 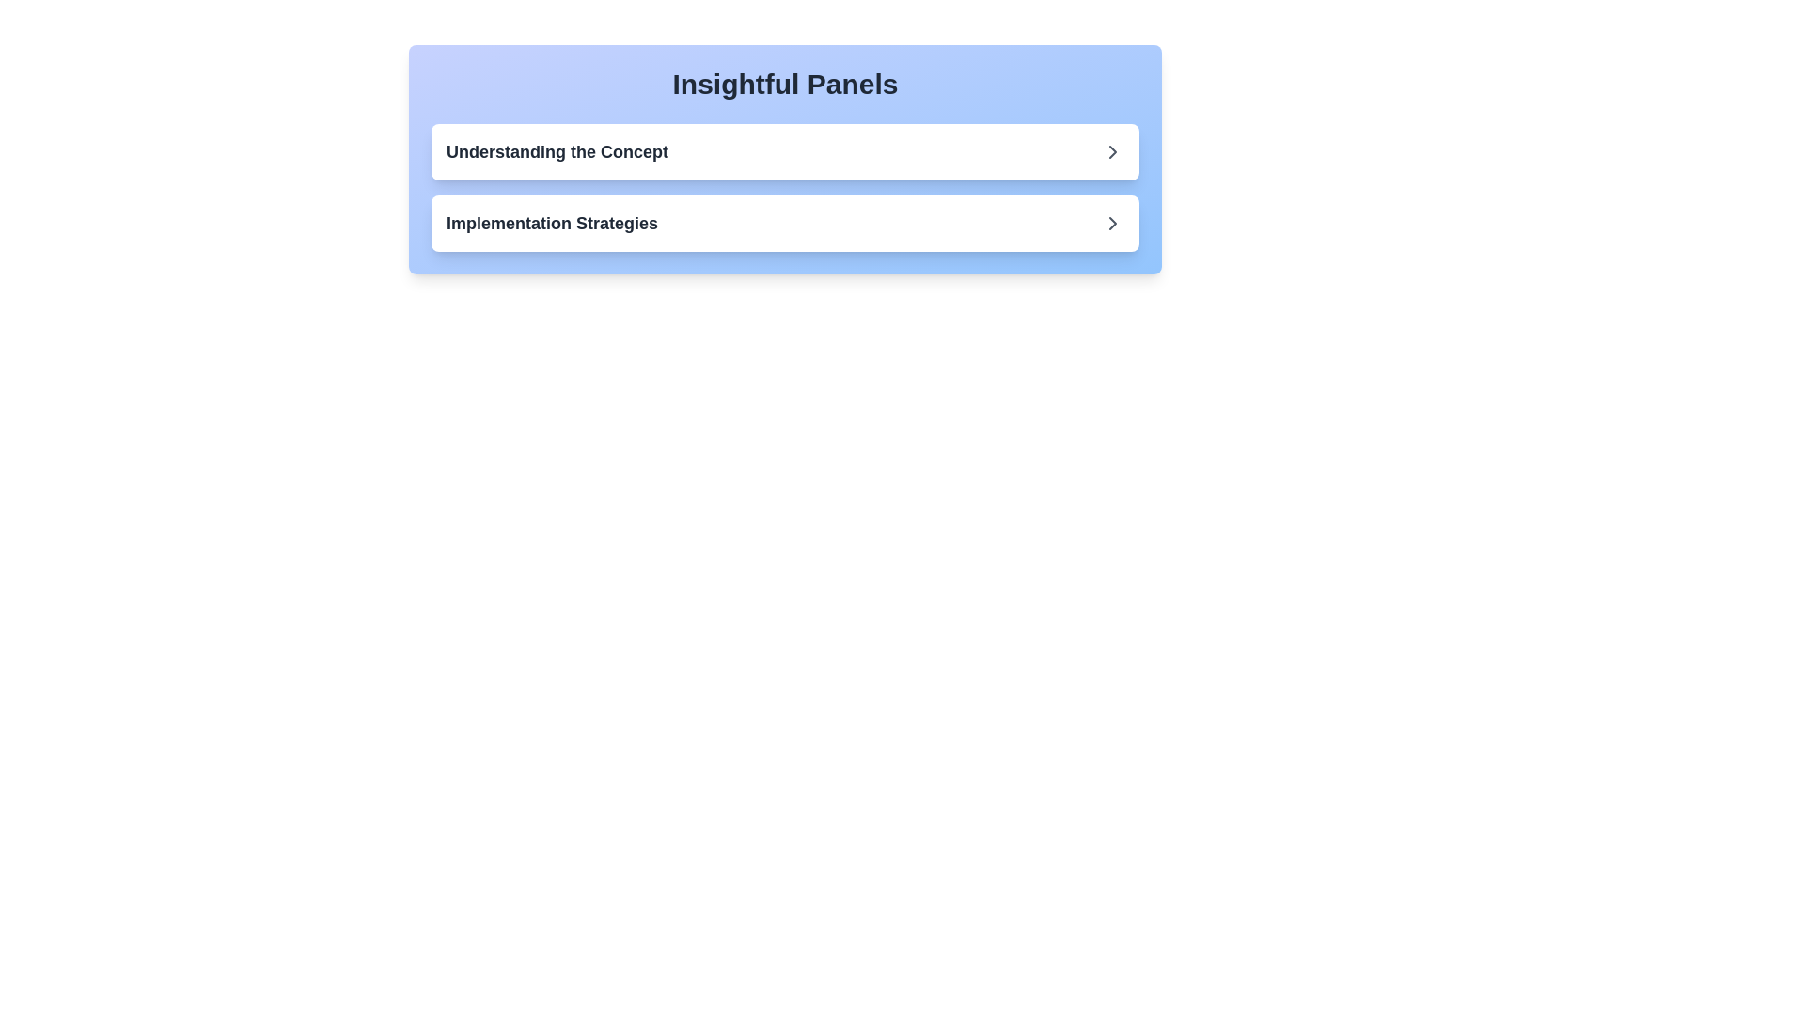 What do you see at coordinates (1113, 223) in the screenshot?
I see `the right-facing chevron icon located at the far right end of the 'Implementation Strategies' row` at bounding box center [1113, 223].